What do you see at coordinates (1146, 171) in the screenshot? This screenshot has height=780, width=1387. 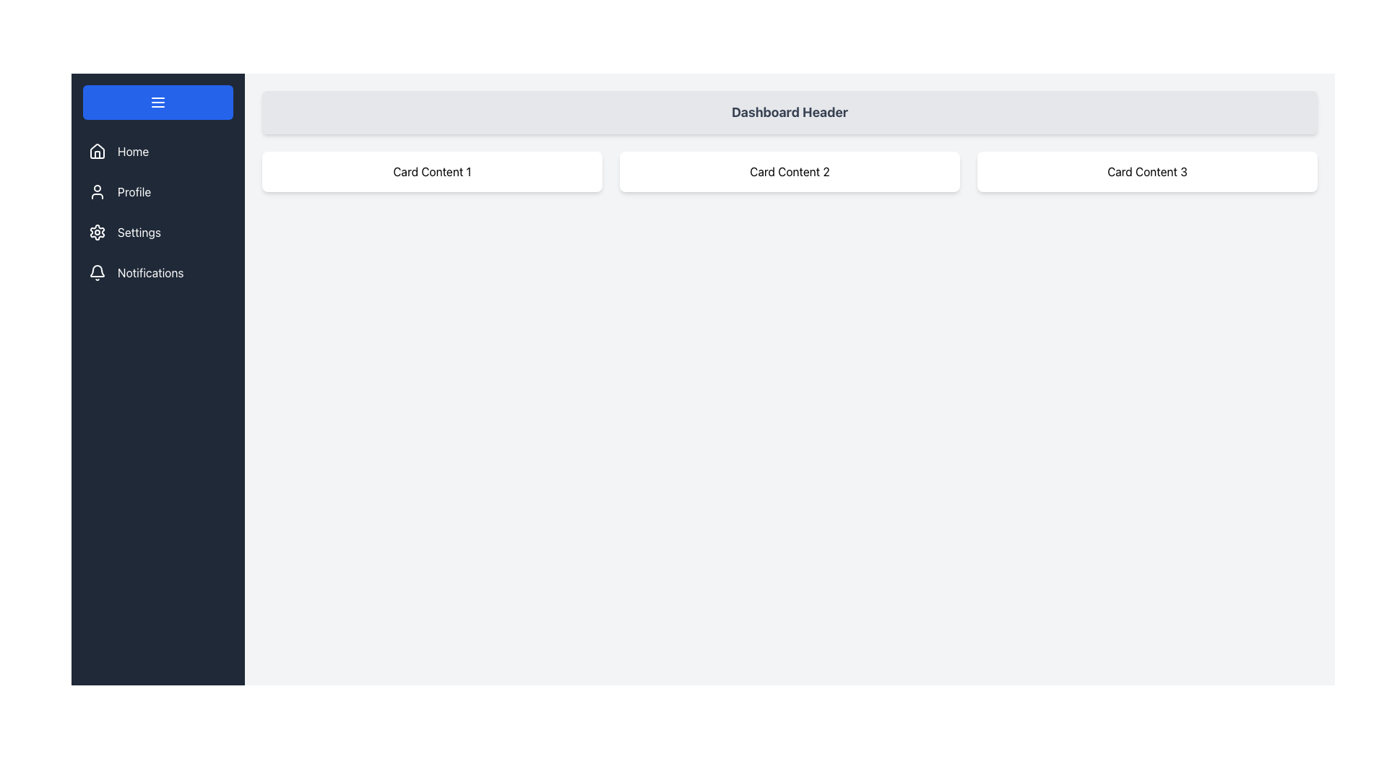 I see `content displayed on the informational card labeled 'Card Content 3', which is located in the top-right part of the interface under the 'Dashboard Header'` at bounding box center [1146, 171].